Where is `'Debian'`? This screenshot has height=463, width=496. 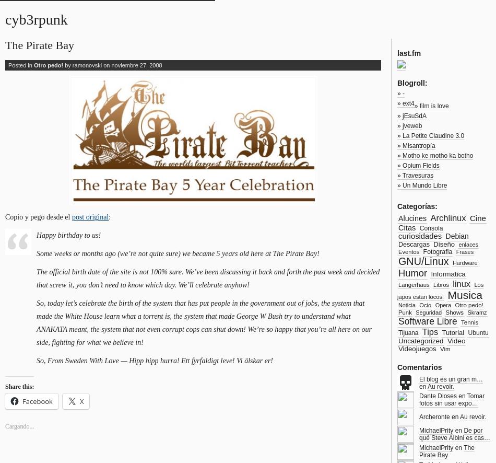
'Debian' is located at coordinates (456, 236).